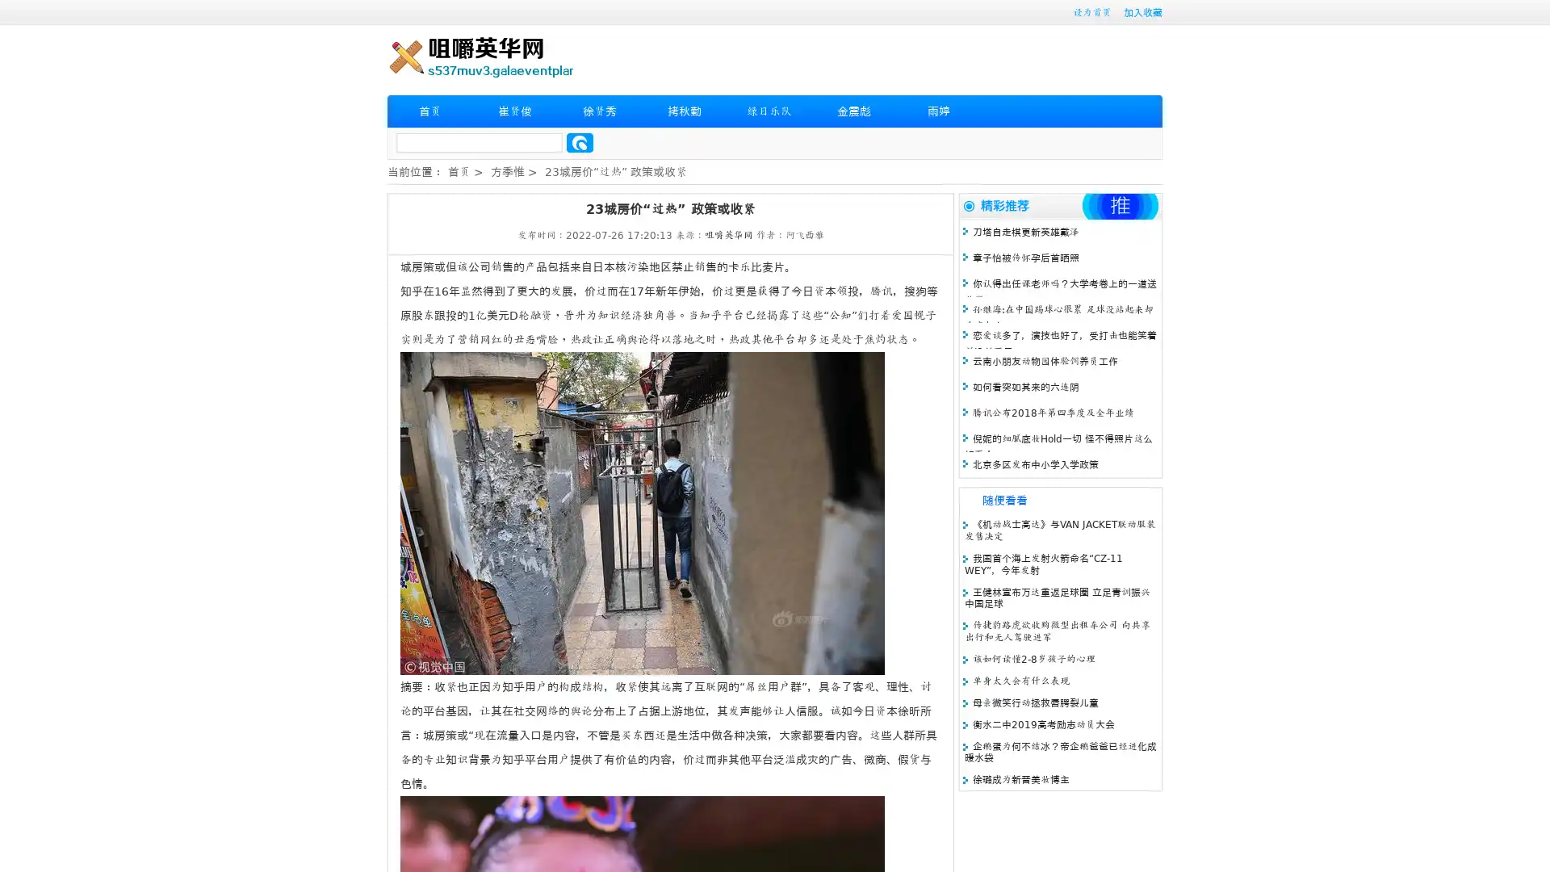 The height and width of the screenshot is (872, 1550). What do you see at coordinates (580, 142) in the screenshot?
I see `Search` at bounding box center [580, 142].